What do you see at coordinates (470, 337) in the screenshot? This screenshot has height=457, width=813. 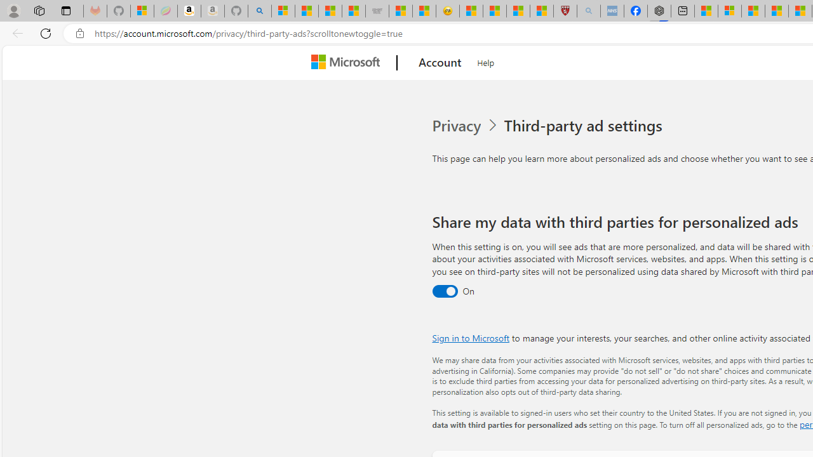 I see `'Sign in to Microsoft'` at bounding box center [470, 337].